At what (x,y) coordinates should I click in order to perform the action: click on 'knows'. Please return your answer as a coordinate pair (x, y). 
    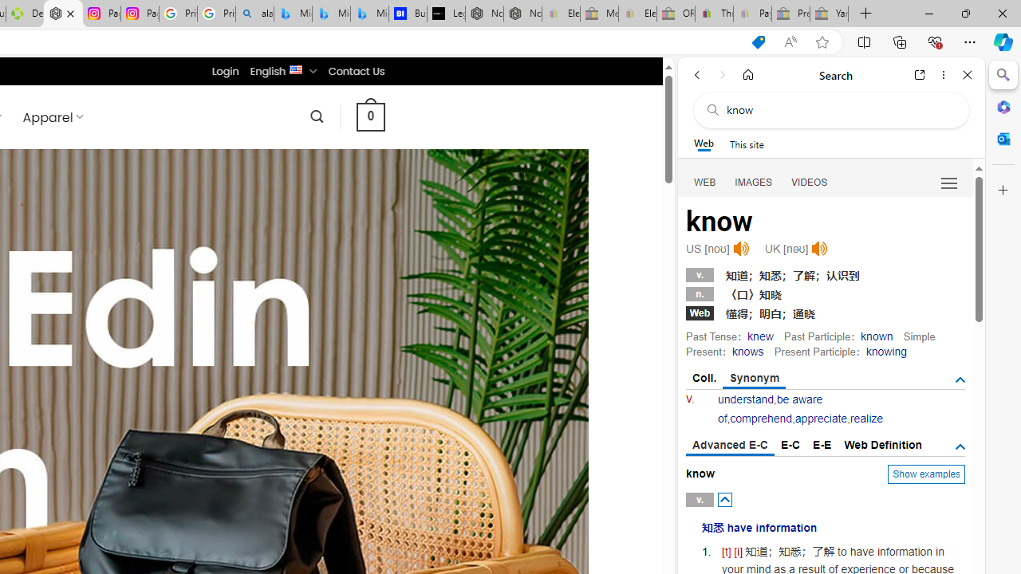
    Looking at the image, I should click on (746, 351).